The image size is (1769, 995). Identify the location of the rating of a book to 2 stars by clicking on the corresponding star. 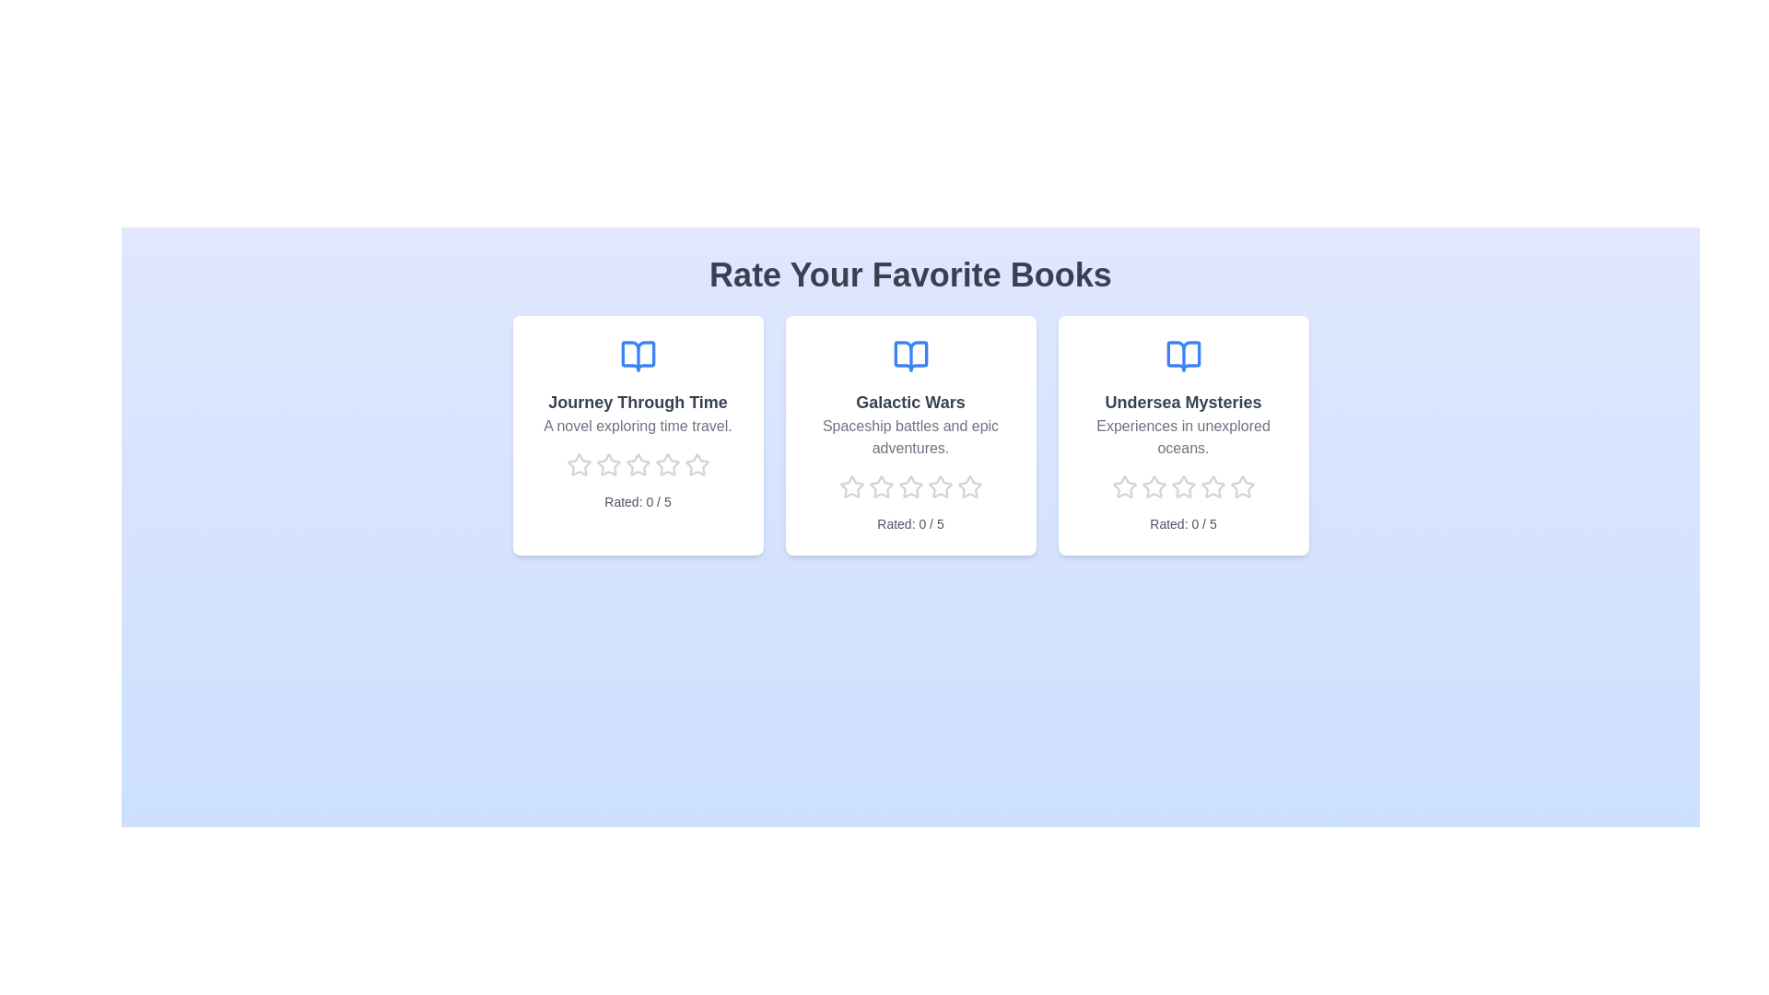
(608, 464).